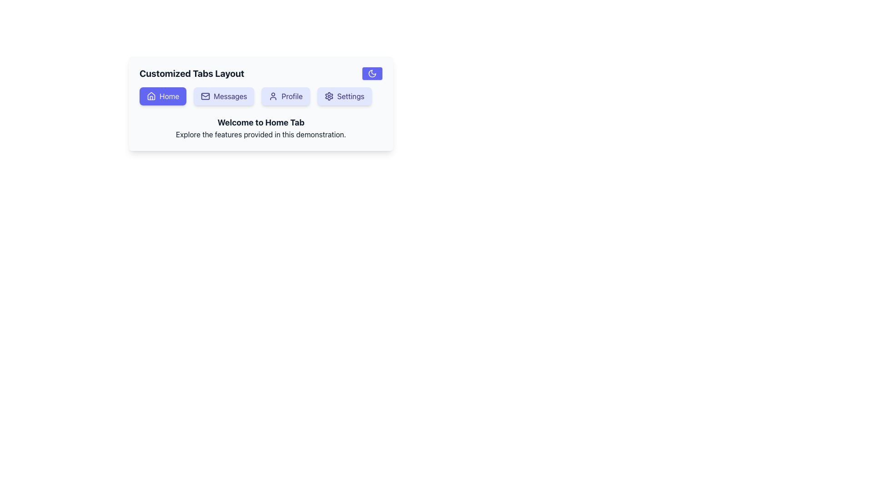 The image size is (873, 491). Describe the element at coordinates (292, 96) in the screenshot. I see `the 'Profile' button which contains the text label indicating the profile section of the application` at that location.